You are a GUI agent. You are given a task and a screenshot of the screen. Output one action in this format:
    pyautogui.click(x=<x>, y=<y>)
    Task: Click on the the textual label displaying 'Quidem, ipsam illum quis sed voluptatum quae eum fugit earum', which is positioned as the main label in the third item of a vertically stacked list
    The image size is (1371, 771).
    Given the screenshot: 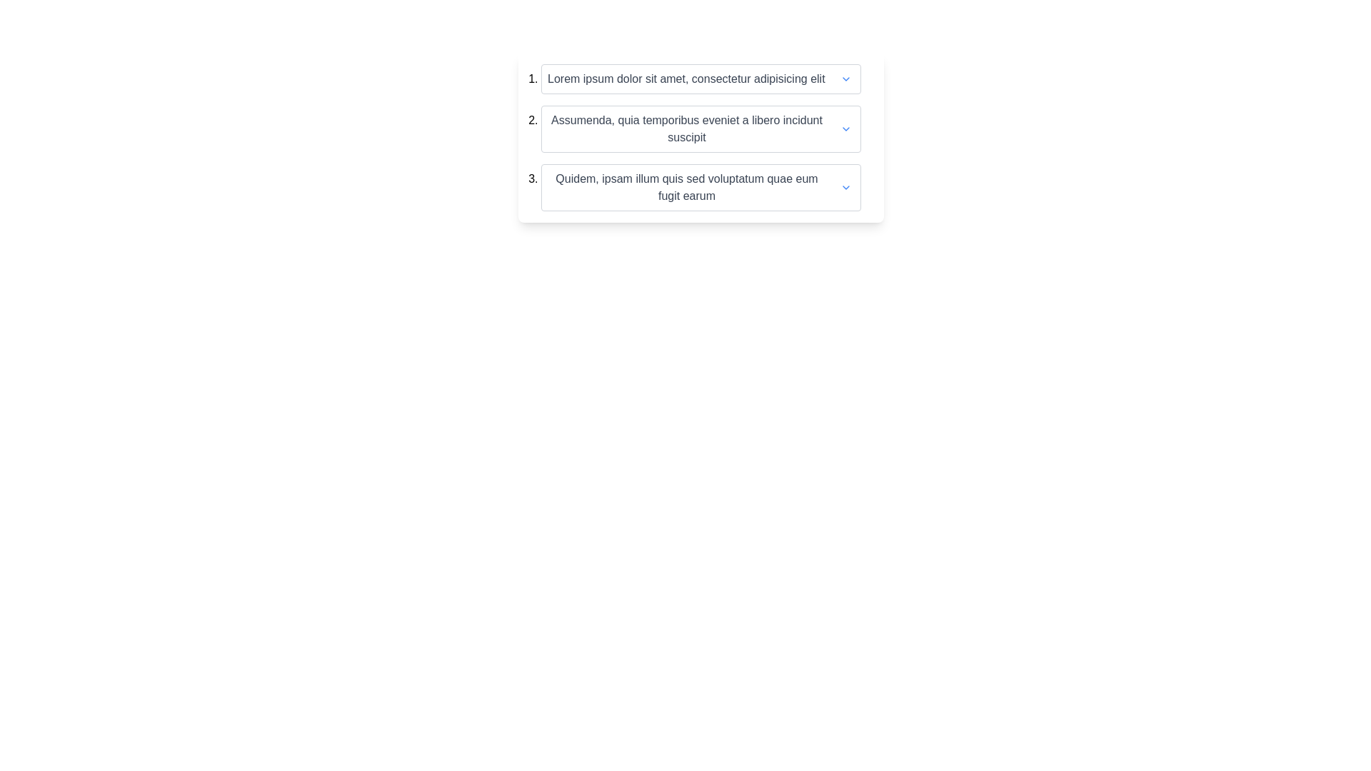 What is the action you would take?
    pyautogui.click(x=686, y=186)
    